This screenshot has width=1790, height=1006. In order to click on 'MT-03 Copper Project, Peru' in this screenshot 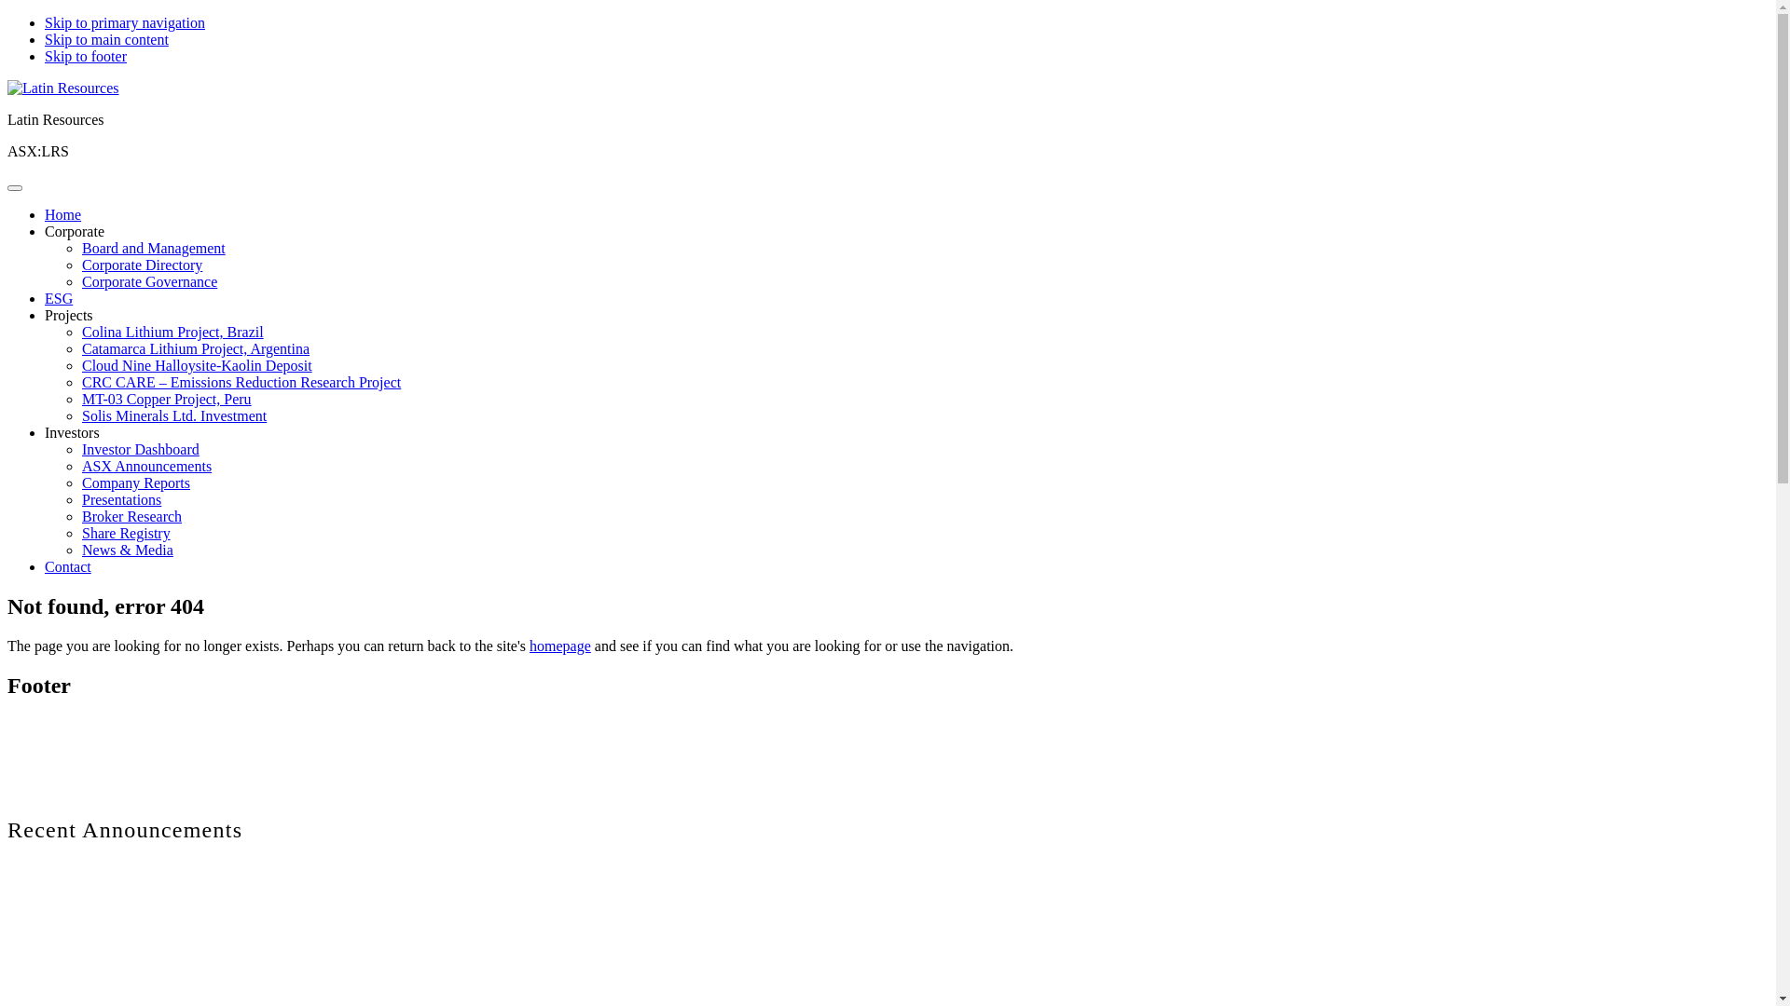, I will do `click(166, 398)`.